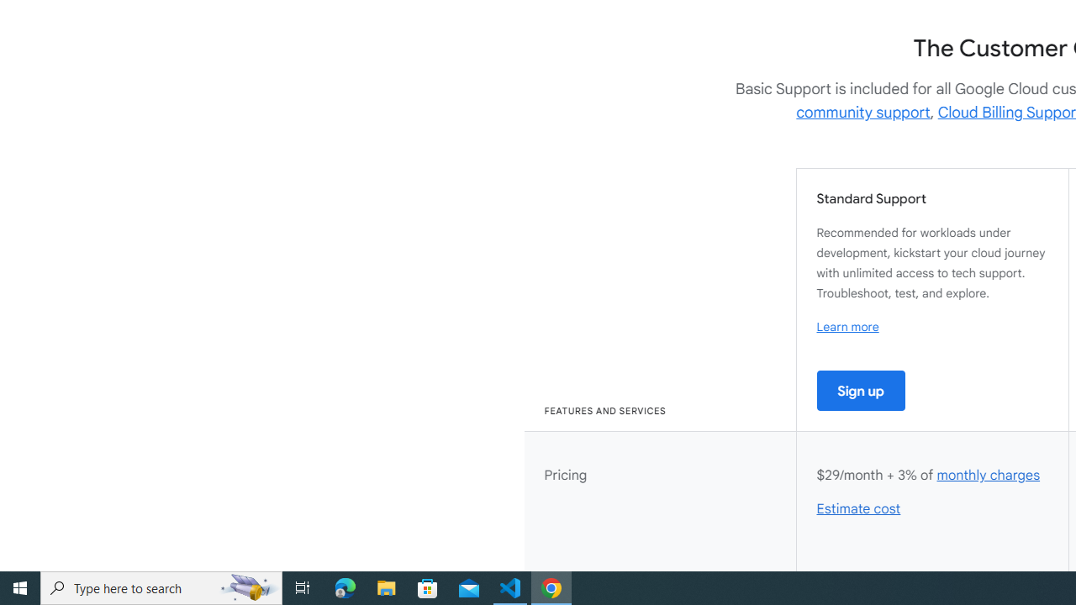 This screenshot has height=605, width=1076. What do you see at coordinates (861, 390) in the screenshot?
I see `'Sign up'` at bounding box center [861, 390].